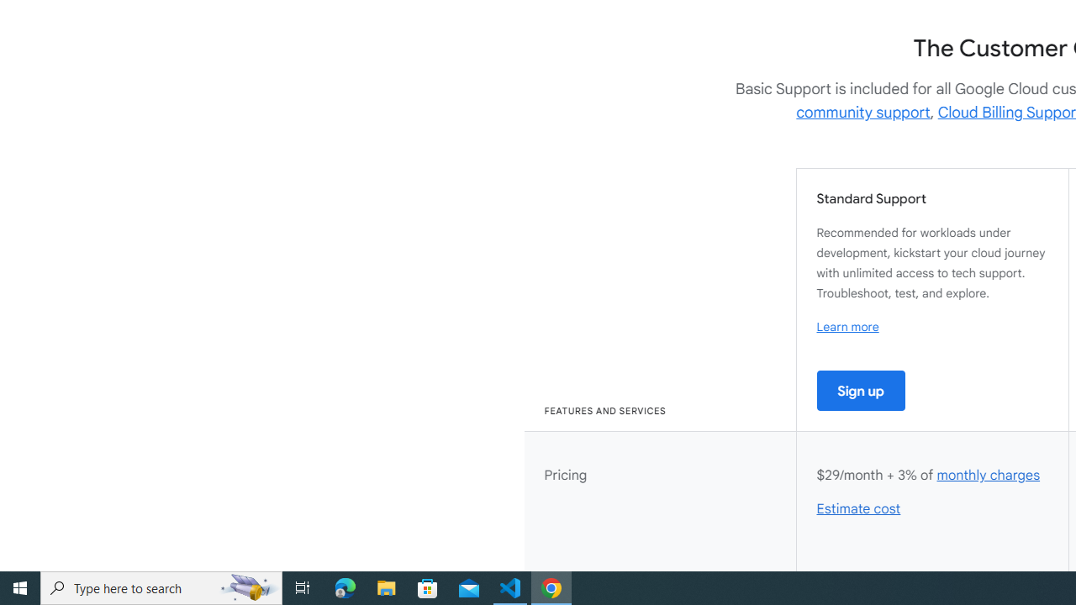 This screenshot has height=605, width=1076. What do you see at coordinates (861, 390) in the screenshot?
I see `'Sign up'` at bounding box center [861, 390].